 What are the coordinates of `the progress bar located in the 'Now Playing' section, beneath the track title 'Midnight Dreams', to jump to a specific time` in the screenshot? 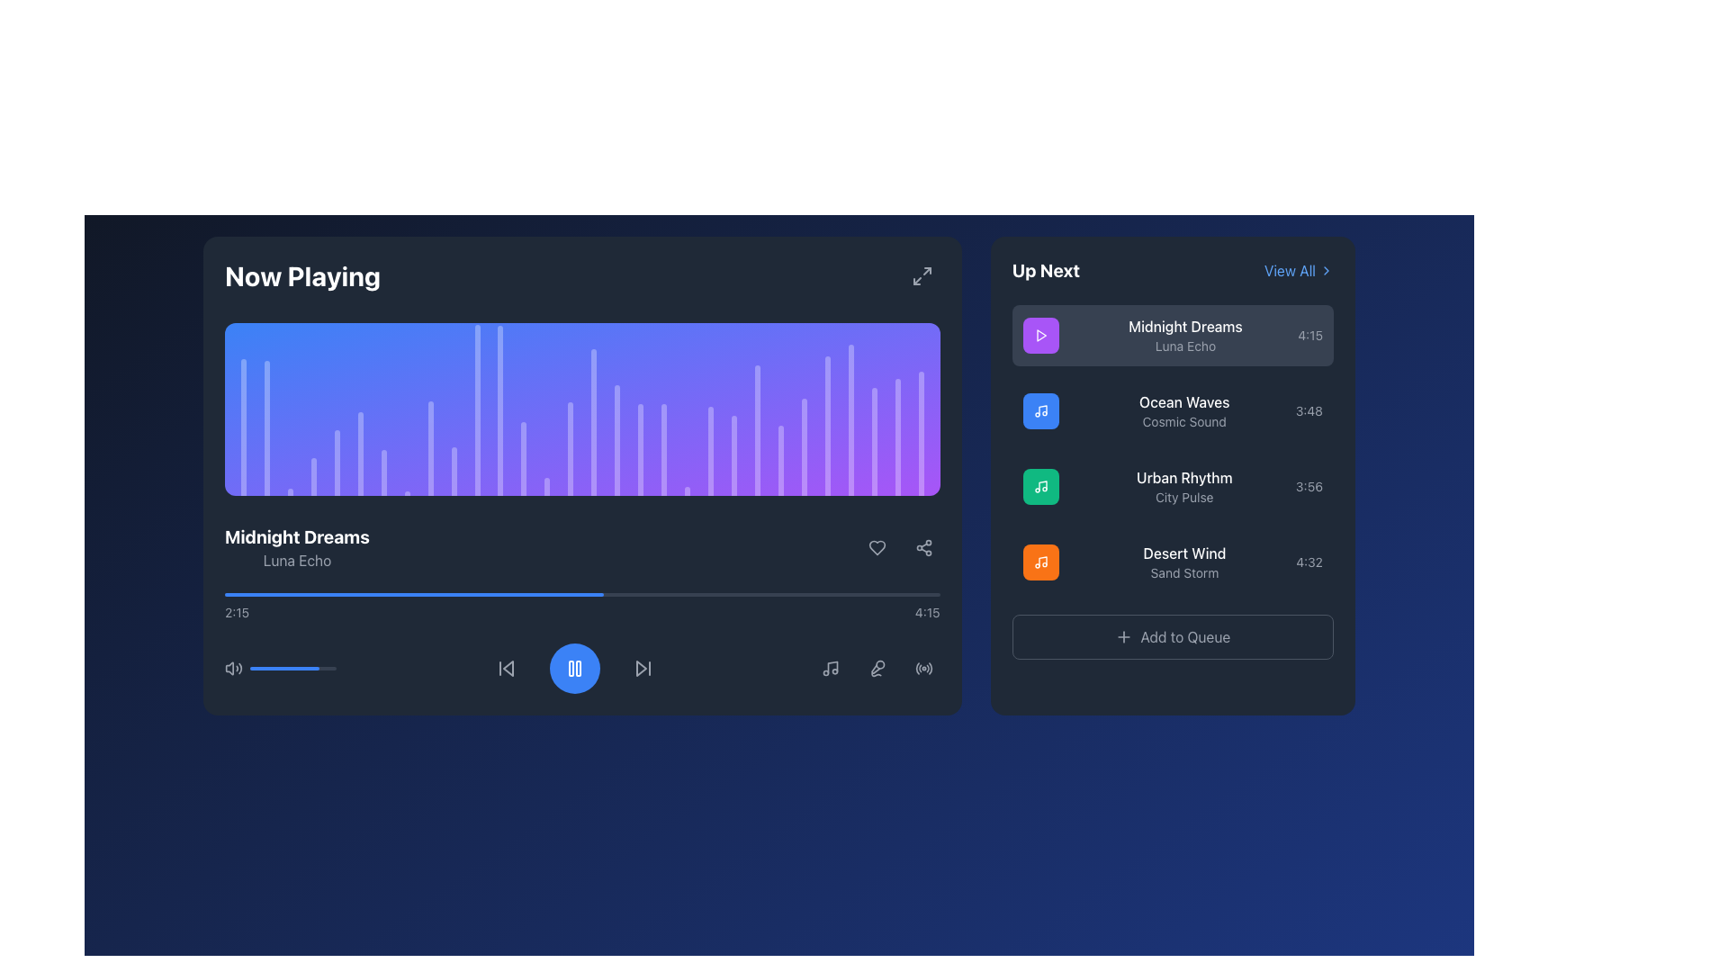 It's located at (582, 607).